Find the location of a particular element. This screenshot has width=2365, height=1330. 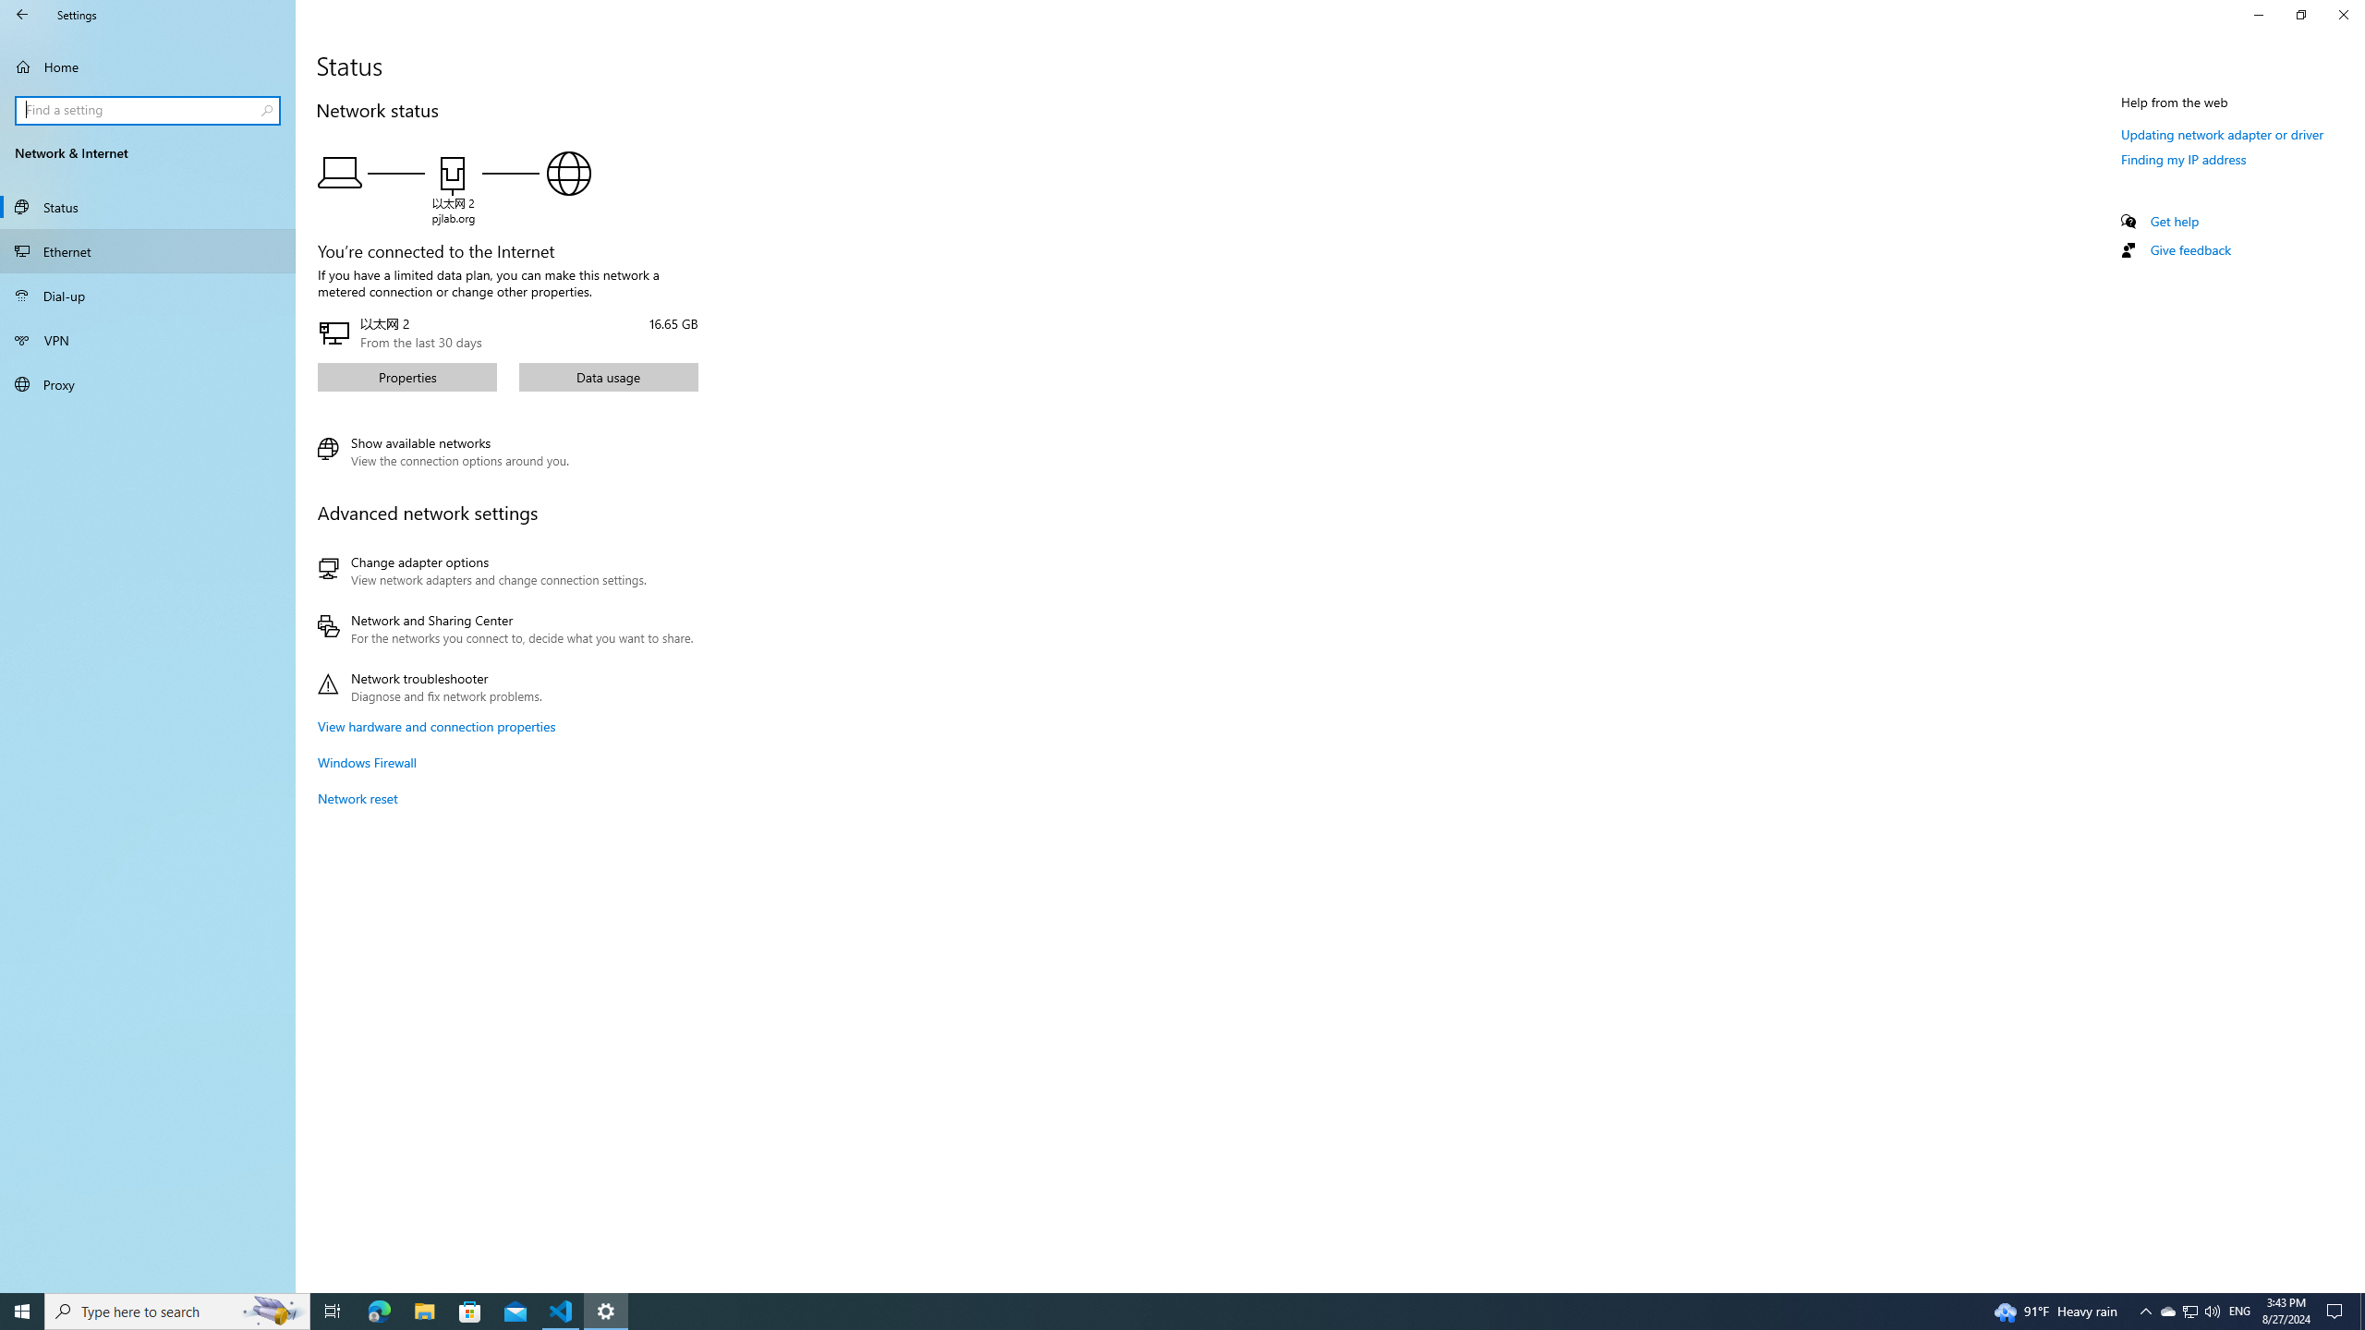

'Status' is located at coordinates (147, 205).